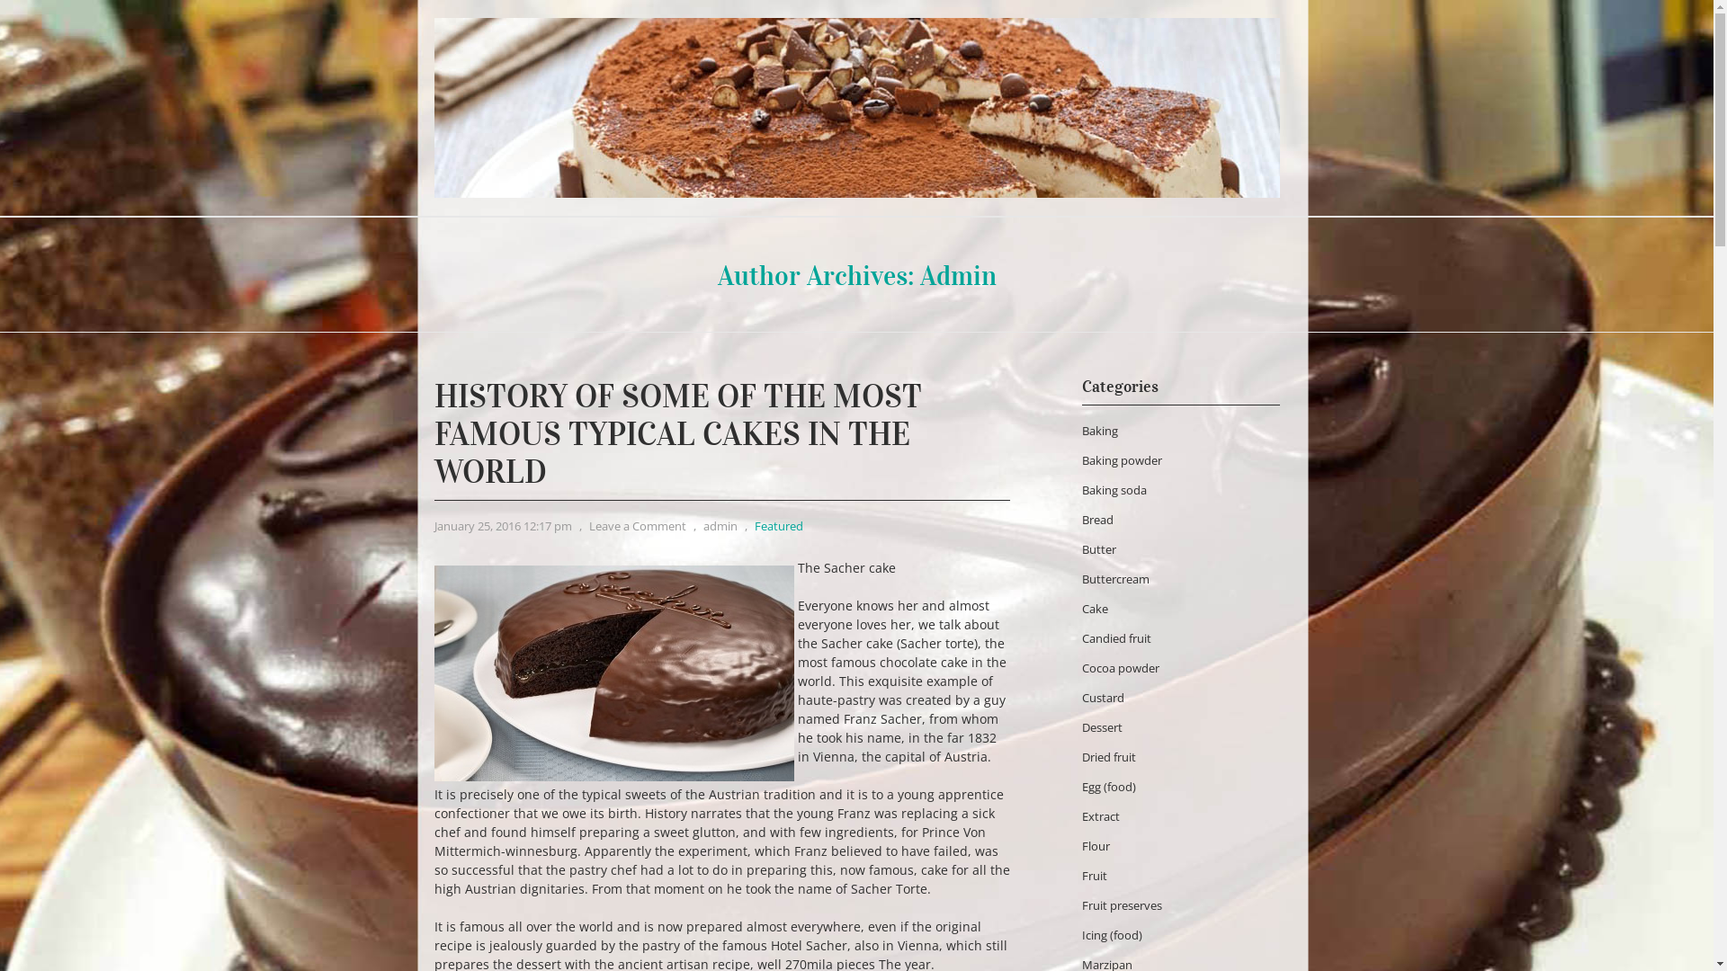 This screenshot has width=1727, height=971. Describe the element at coordinates (1114, 579) in the screenshot. I see `'Buttercream'` at that location.